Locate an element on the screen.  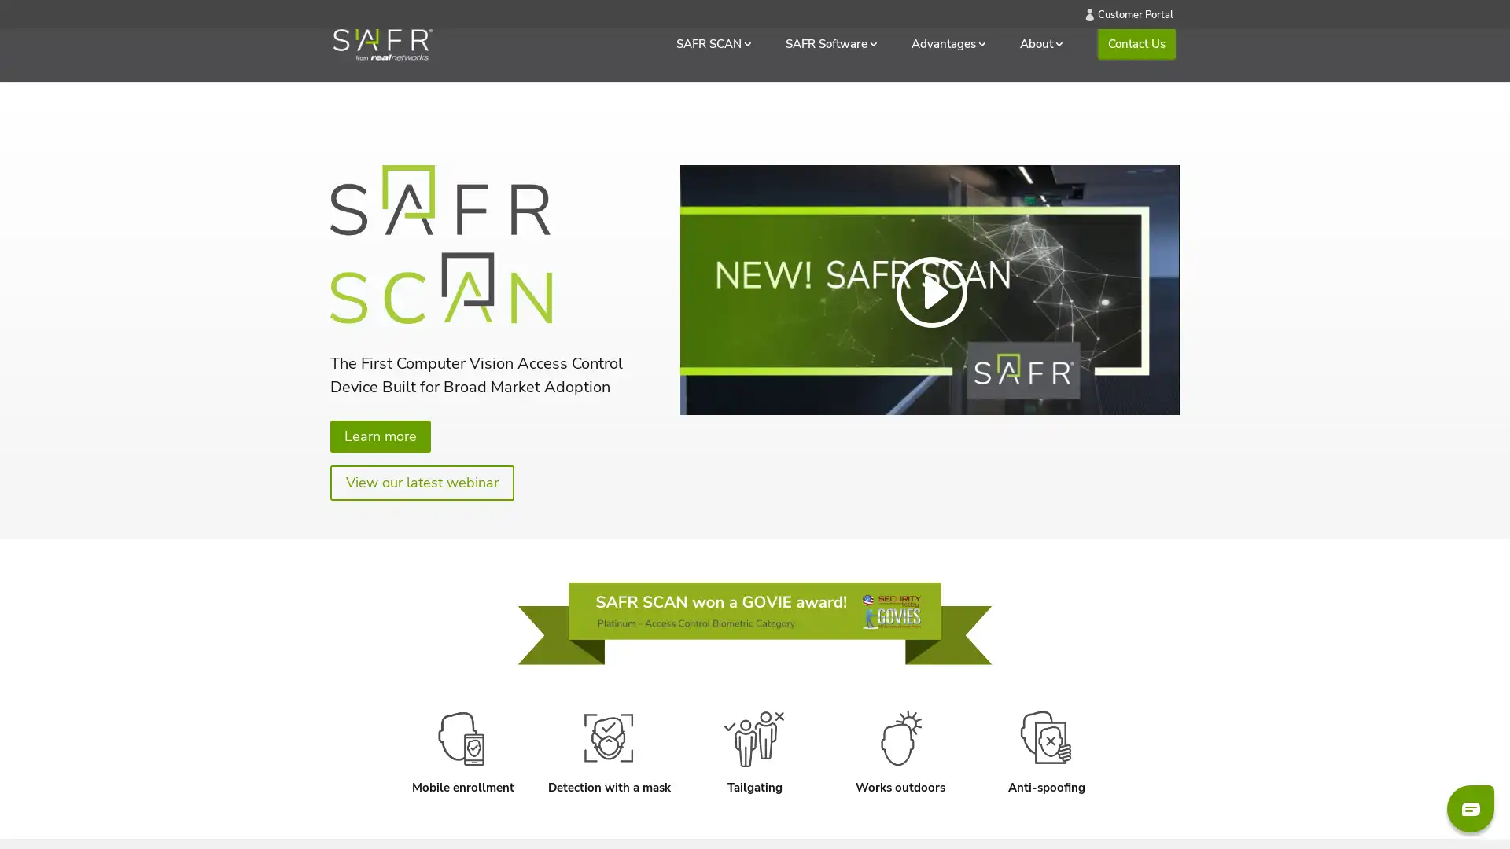
enter full screen is located at coordinates (1121, 376).